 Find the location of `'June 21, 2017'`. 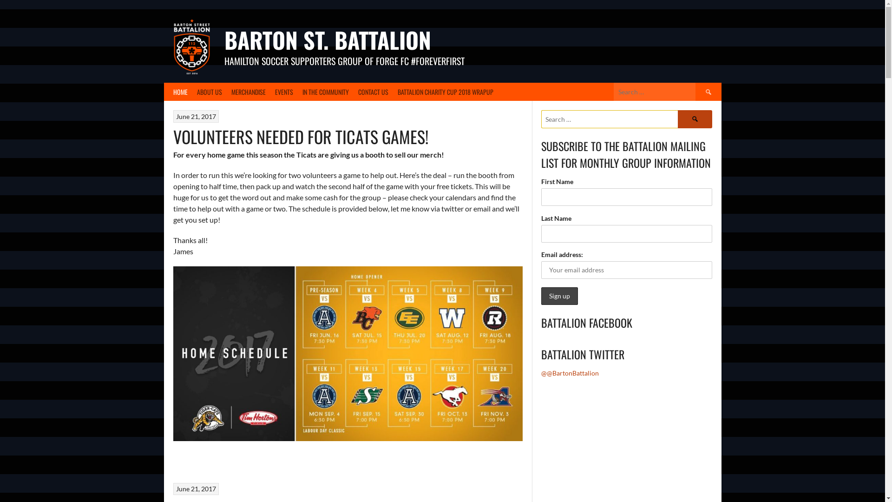

'June 21, 2017' is located at coordinates (196, 116).